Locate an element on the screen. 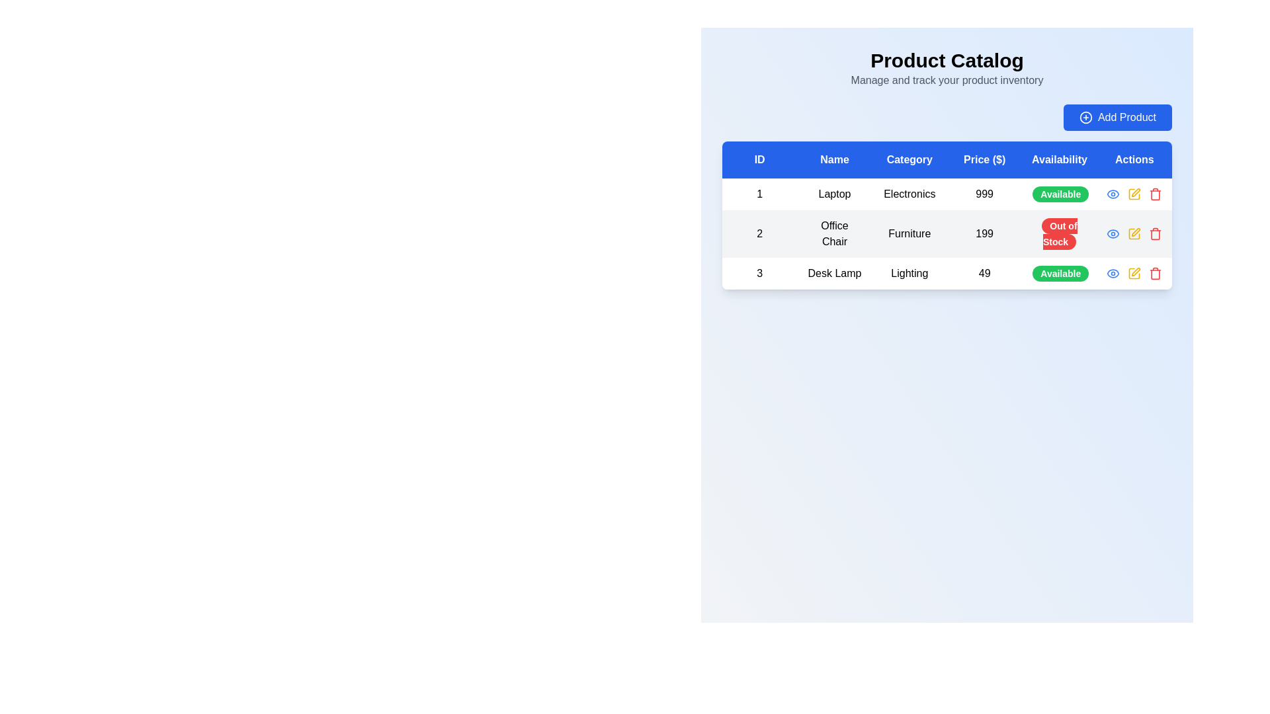 The height and width of the screenshot is (714, 1270). the Icon button in the second row of the 'Actions' column of the product table is located at coordinates (1113, 194).